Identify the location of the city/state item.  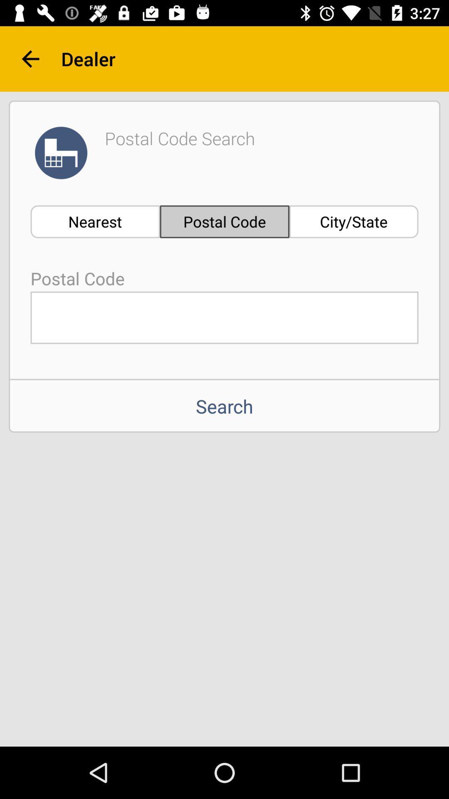
(354, 221).